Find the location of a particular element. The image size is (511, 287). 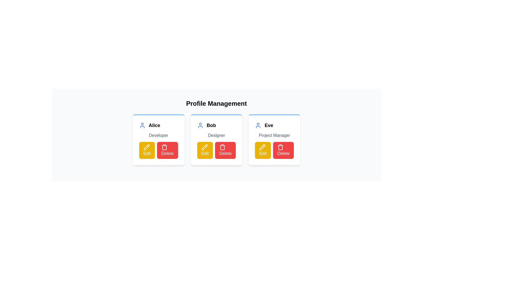

the 'Delete' icon within the red delete button located in the third card titled 'Eve - Project Manager' is located at coordinates (280, 147).